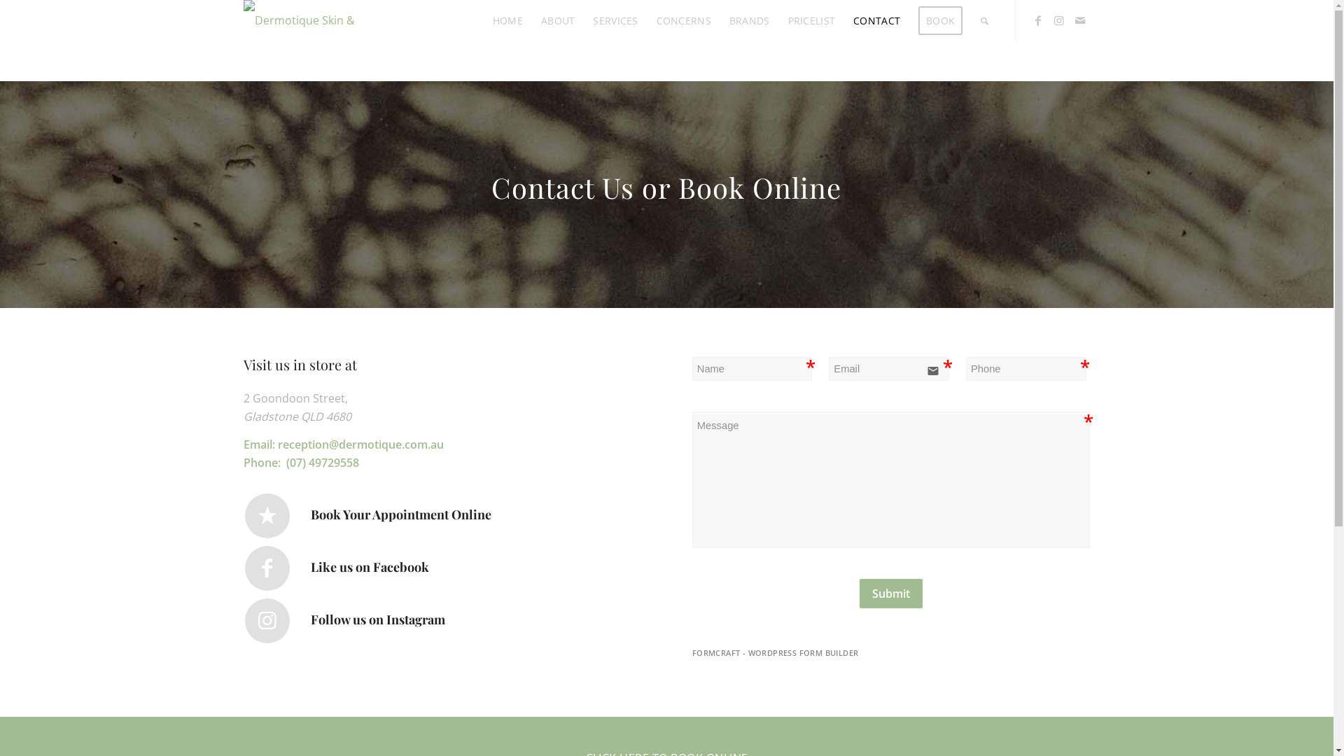 This screenshot has height=756, width=1344. I want to click on 'HOME', so click(507, 20).